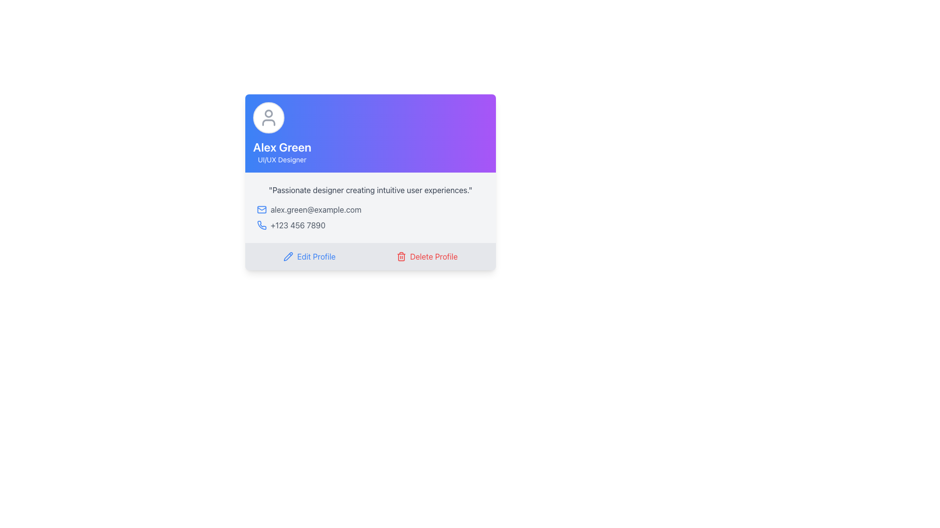  What do you see at coordinates (261, 209) in the screenshot?
I see `the email icon that visually represents the email address 'alex.green@example.com', located to the left of the email address in the same row` at bounding box center [261, 209].